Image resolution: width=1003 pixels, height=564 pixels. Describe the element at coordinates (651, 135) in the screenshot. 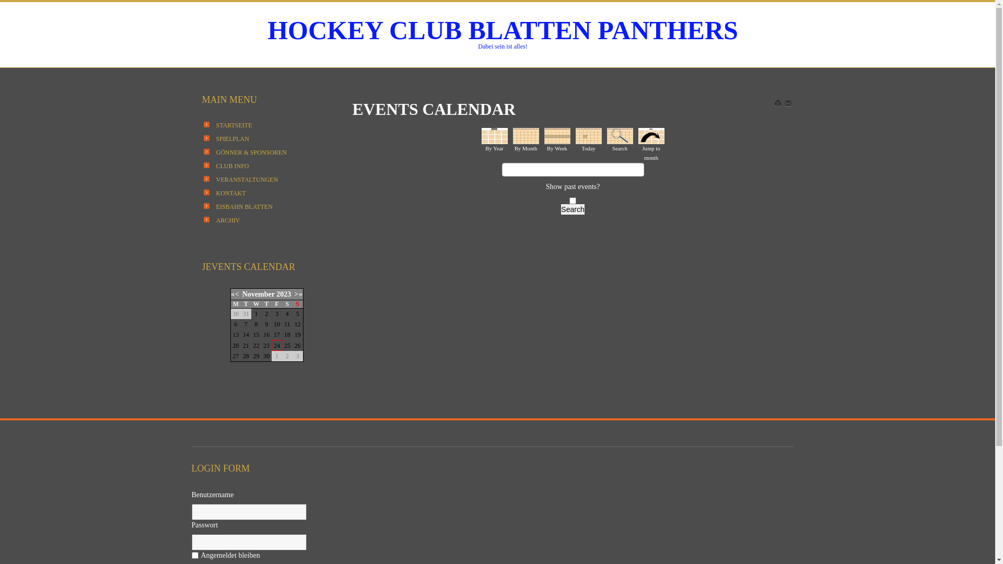

I see `'Jump to month'` at that location.